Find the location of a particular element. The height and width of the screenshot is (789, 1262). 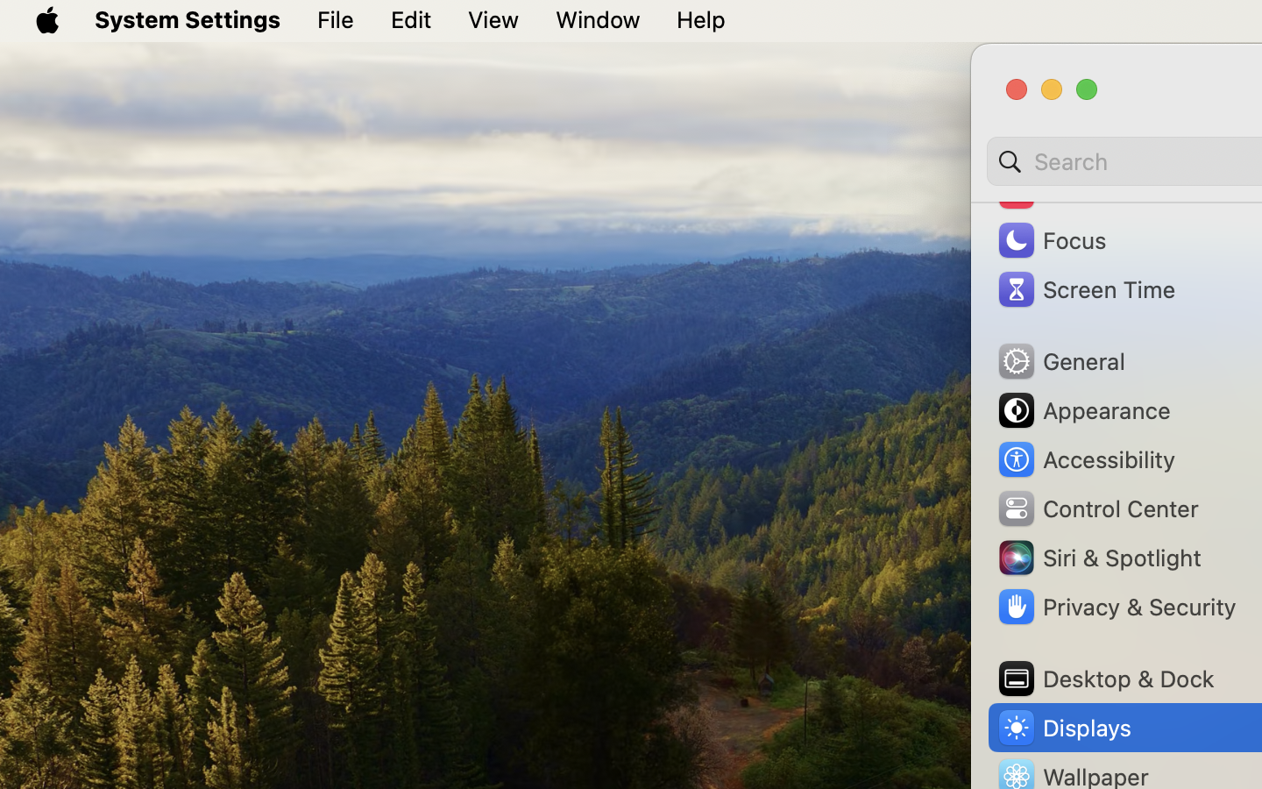

'Siri & Spotlight' is located at coordinates (1096, 558).